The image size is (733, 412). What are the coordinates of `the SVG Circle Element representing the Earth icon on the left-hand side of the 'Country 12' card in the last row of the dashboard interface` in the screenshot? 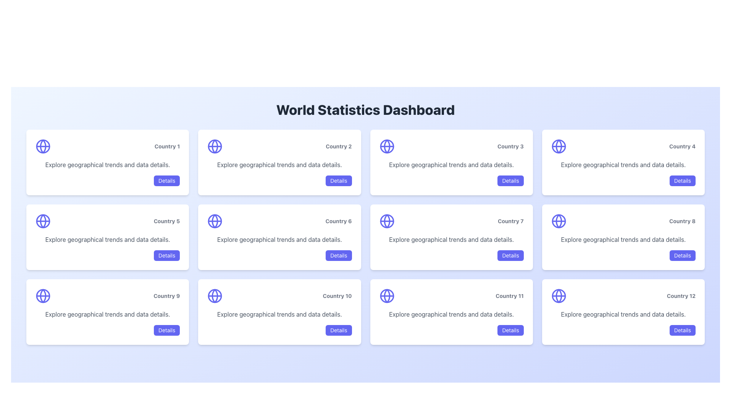 It's located at (559, 295).